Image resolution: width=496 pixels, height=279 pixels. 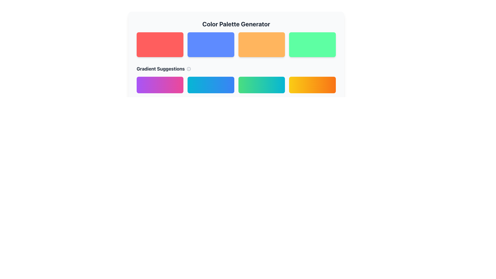 I want to click on the help icon located to the right of the text 'Gradient Suggestions' to provide additional information or help, so click(x=188, y=68).